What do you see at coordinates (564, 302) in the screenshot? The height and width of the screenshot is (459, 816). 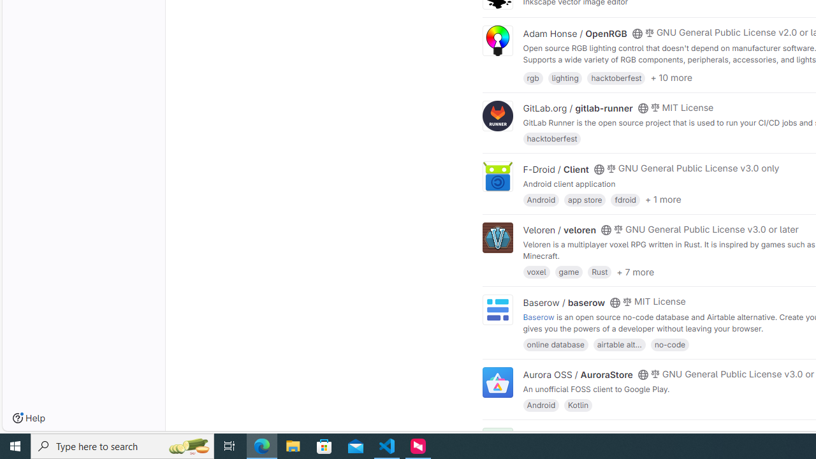 I see `'Baserow / baserow'` at bounding box center [564, 302].